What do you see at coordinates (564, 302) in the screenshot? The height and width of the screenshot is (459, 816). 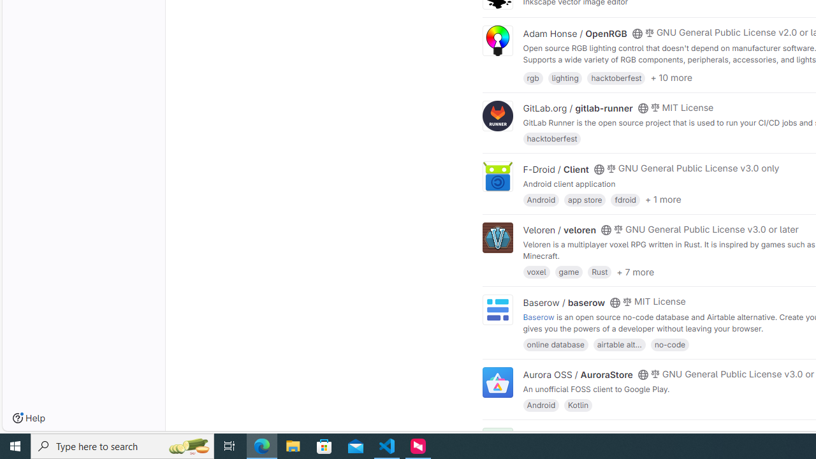 I see `'Baserow / baserow'` at bounding box center [564, 302].